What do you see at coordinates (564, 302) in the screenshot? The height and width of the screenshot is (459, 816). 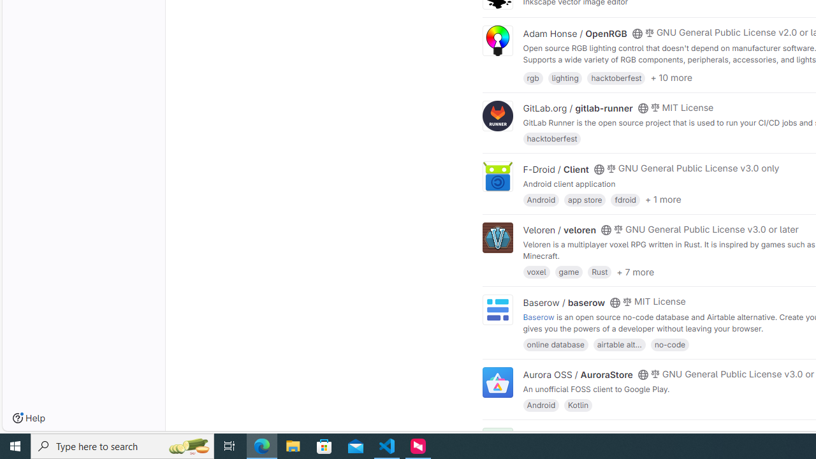 I see `'Baserow / baserow'` at bounding box center [564, 302].